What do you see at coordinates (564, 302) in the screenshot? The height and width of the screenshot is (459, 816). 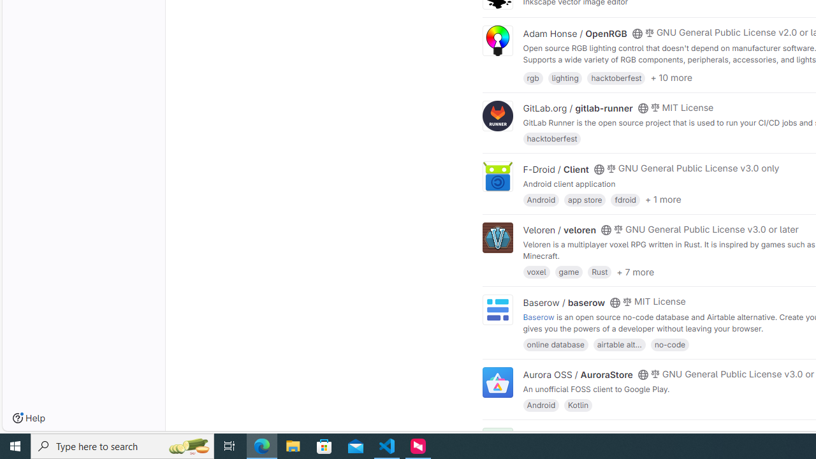 I see `'Baserow / baserow'` at bounding box center [564, 302].